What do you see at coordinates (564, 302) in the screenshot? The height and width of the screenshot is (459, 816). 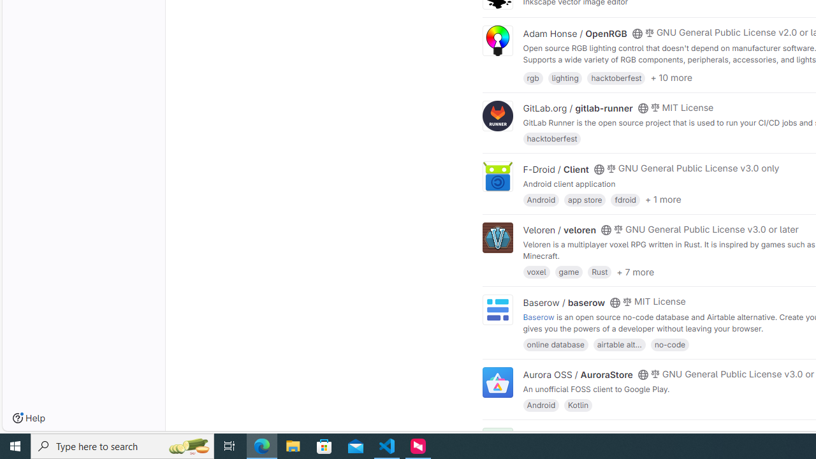 I see `'Baserow / baserow'` at bounding box center [564, 302].